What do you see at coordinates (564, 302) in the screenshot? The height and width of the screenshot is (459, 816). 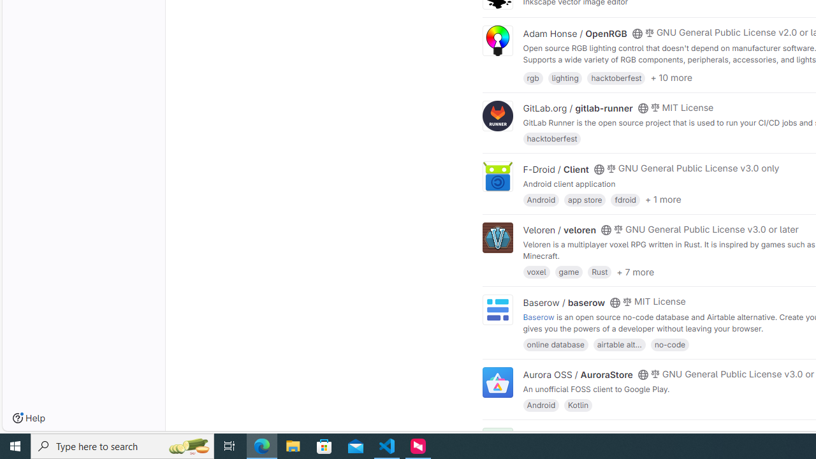 I see `'Baserow / baserow'` at bounding box center [564, 302].